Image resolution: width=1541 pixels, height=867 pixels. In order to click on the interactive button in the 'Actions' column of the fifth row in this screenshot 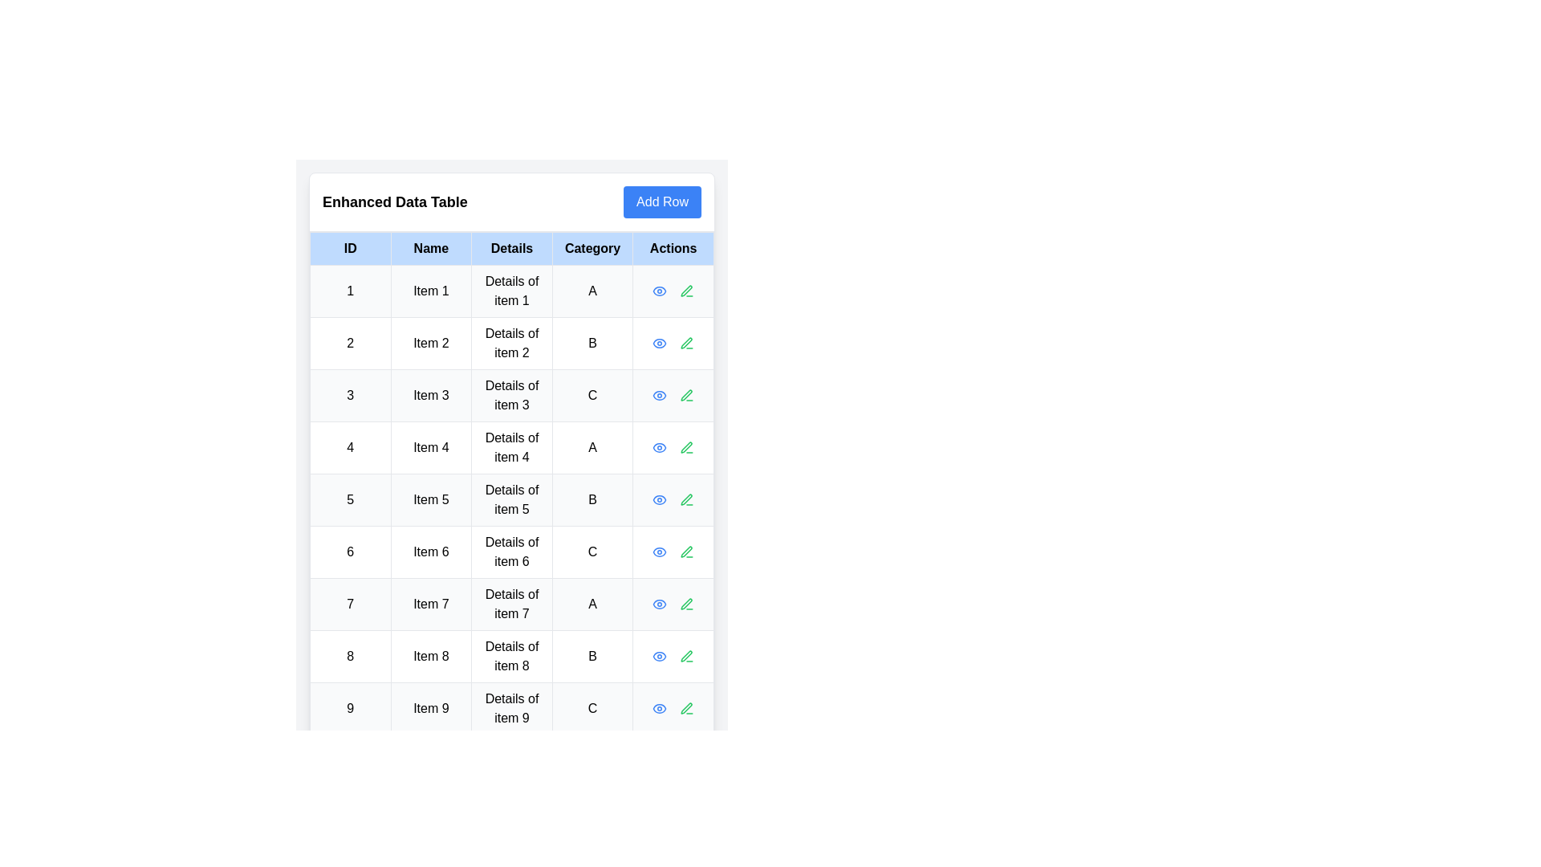, I will do `click(687, 499)`.